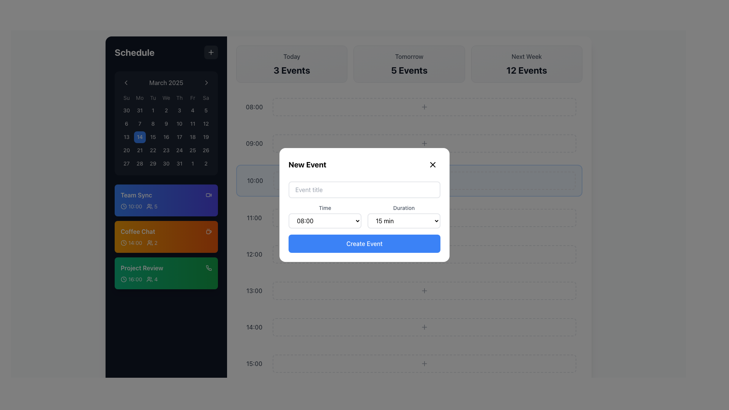  I want to click on the small, centered, black 'X' icon in the top-right corner of the 'New Event' modal, so click(433, 164).